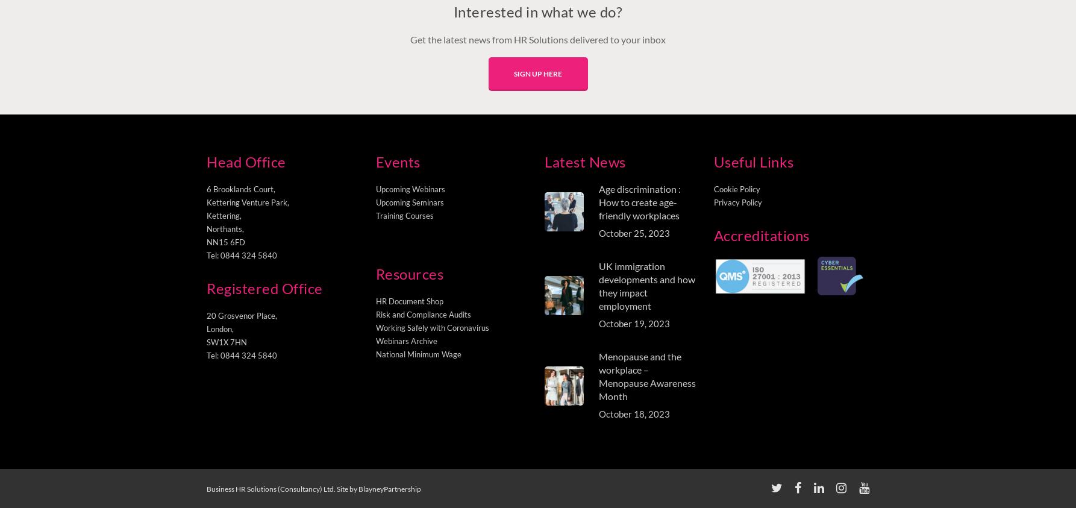 Image resolution: width=1076 pixels, height=508 pixels. What do you see at coordinates (599, 323) in the screenshot?
I see `'October 19, 2023'` at bounding box center [599, 323].